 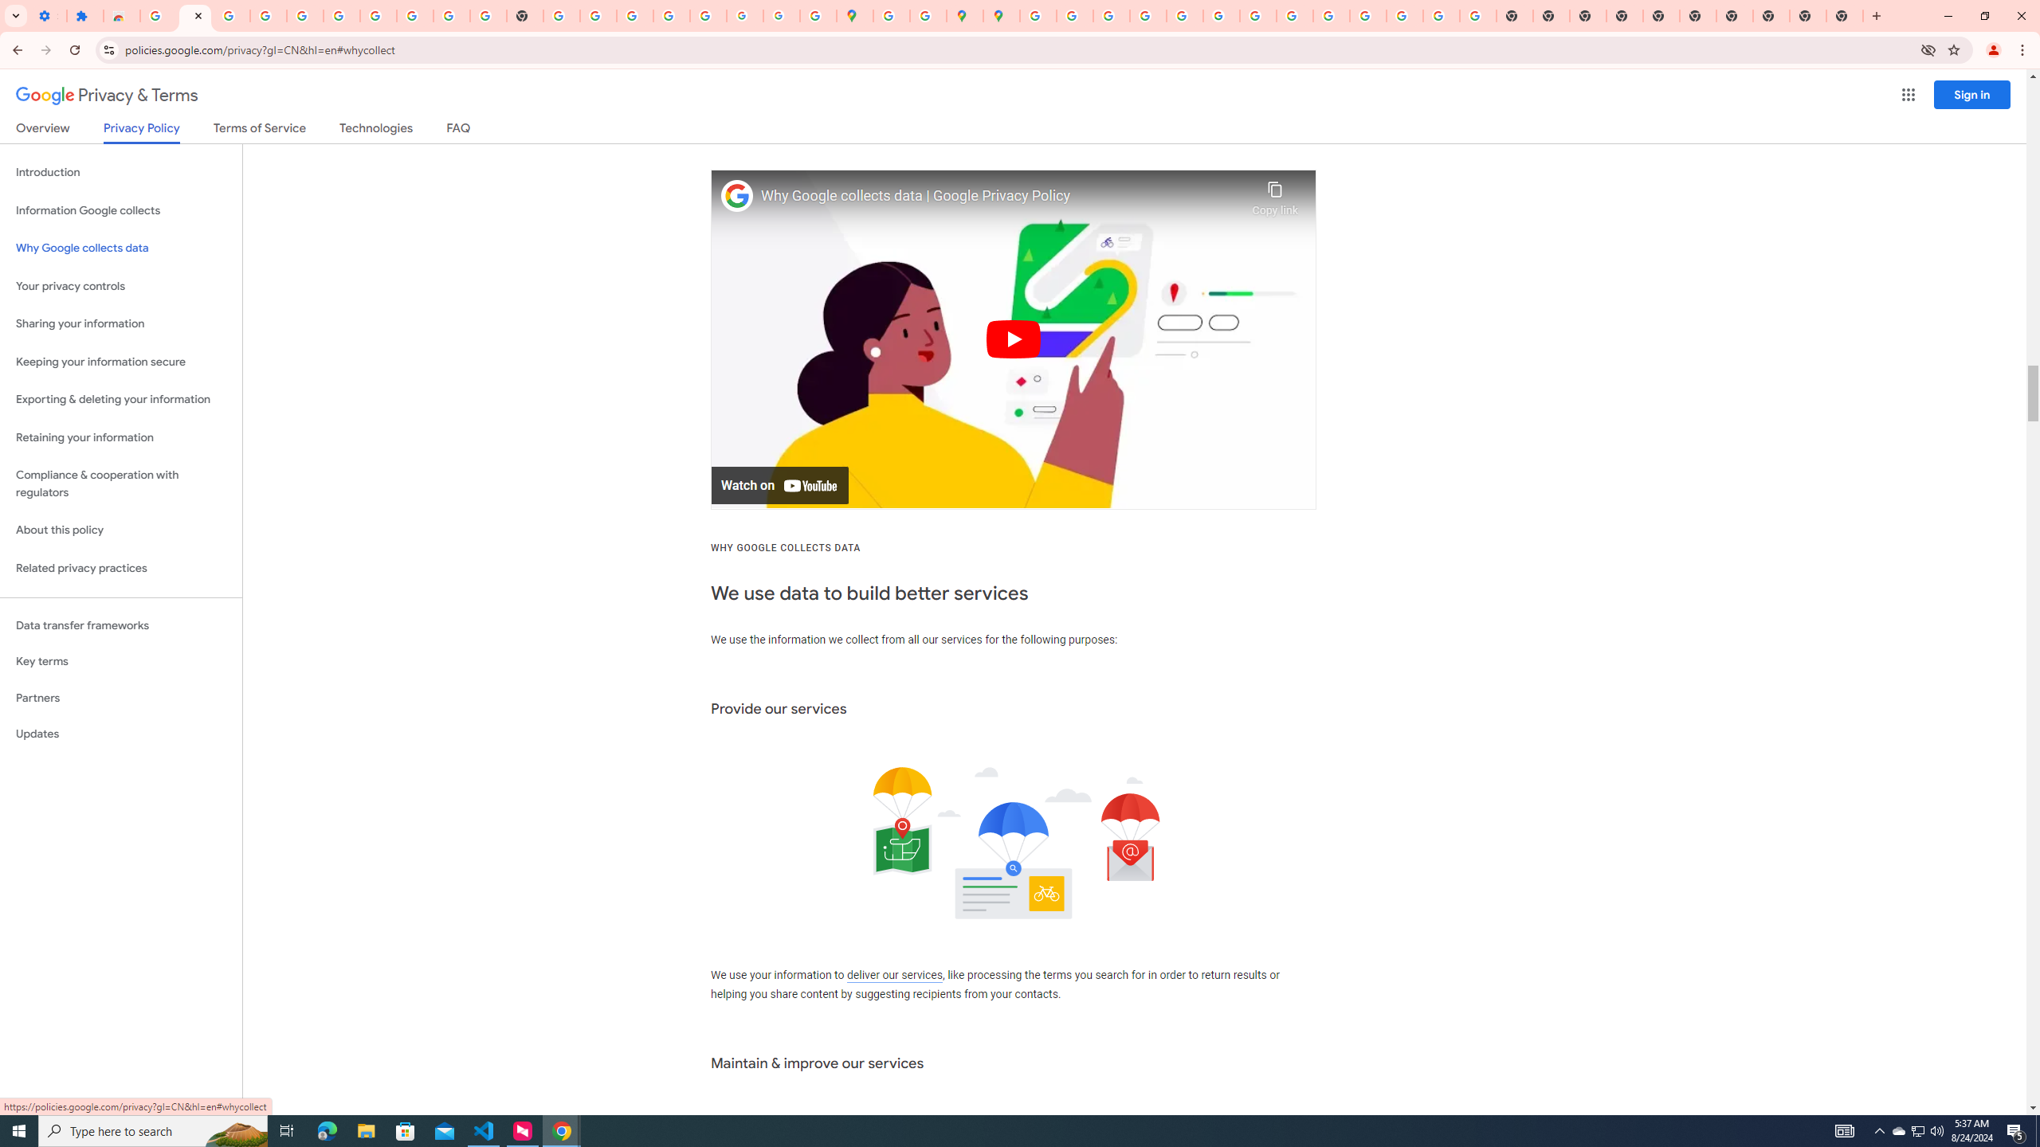 I want to click on 'Information Google collects', so click(x=120, y=210).